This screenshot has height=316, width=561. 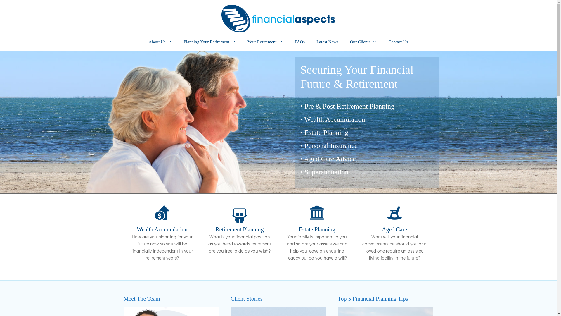 What do you see at coordinates (265, 41) in the screenshot?
I see `'Your Retirement'` at bounding box center [265, 41].